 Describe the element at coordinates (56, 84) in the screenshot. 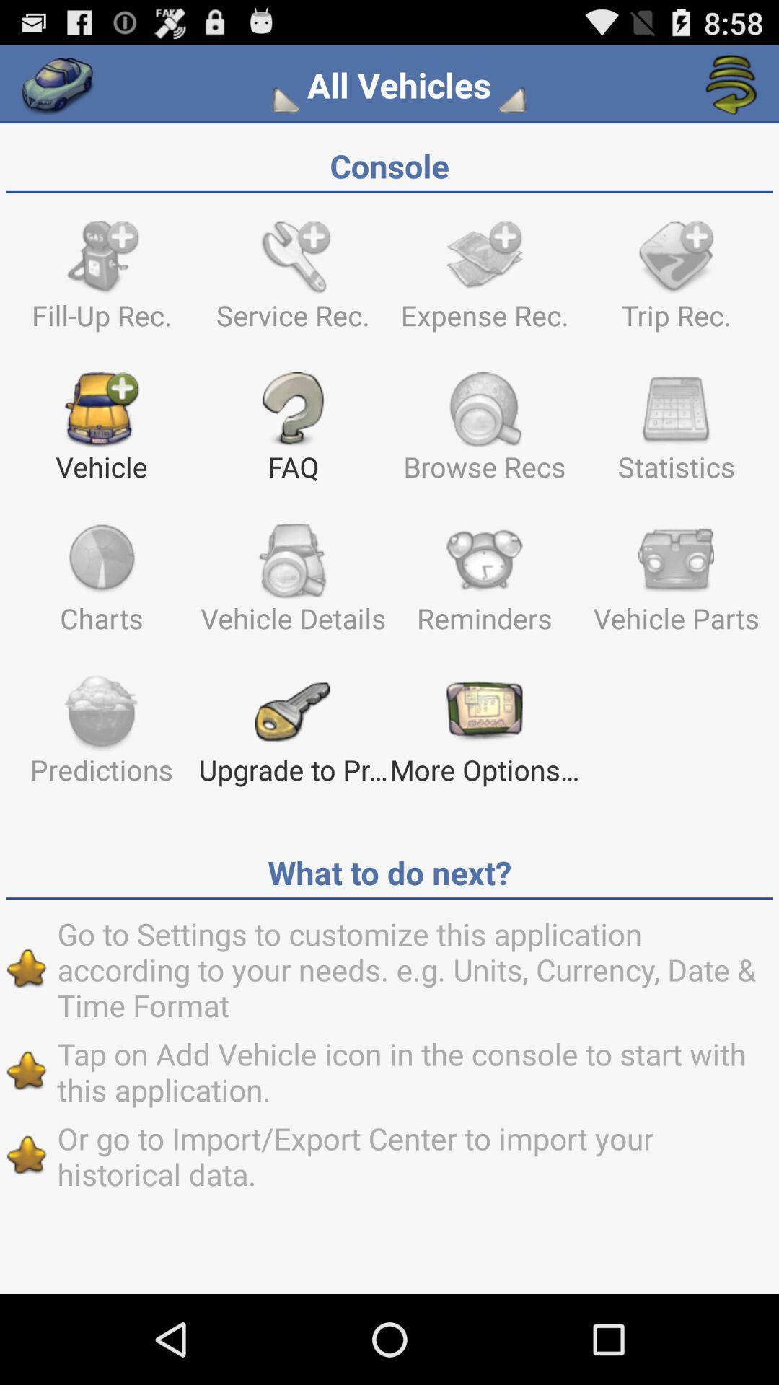

I see `vechicle` at that location.